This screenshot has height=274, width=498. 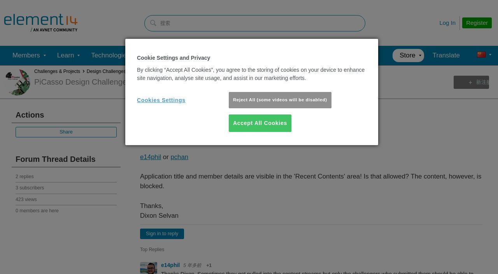 What do you see at coordinates (30, 187) in the screenshot?
I see `'3 subscribers'` at bounding box center [30, 187].